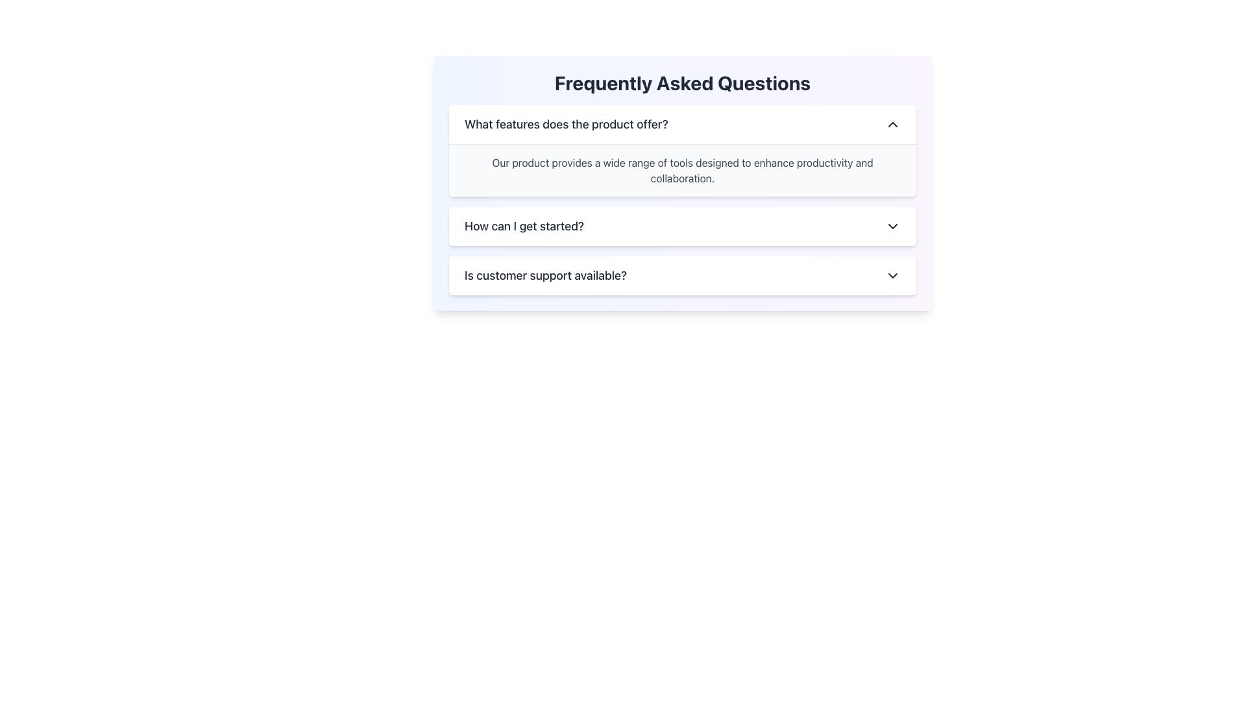 The height and width of the screenshot is (701, 1246). What do you see at coordinates (681, 275) in the screenshot?
I see `the third Expandable Question Block` at bounding box center [681, 275].